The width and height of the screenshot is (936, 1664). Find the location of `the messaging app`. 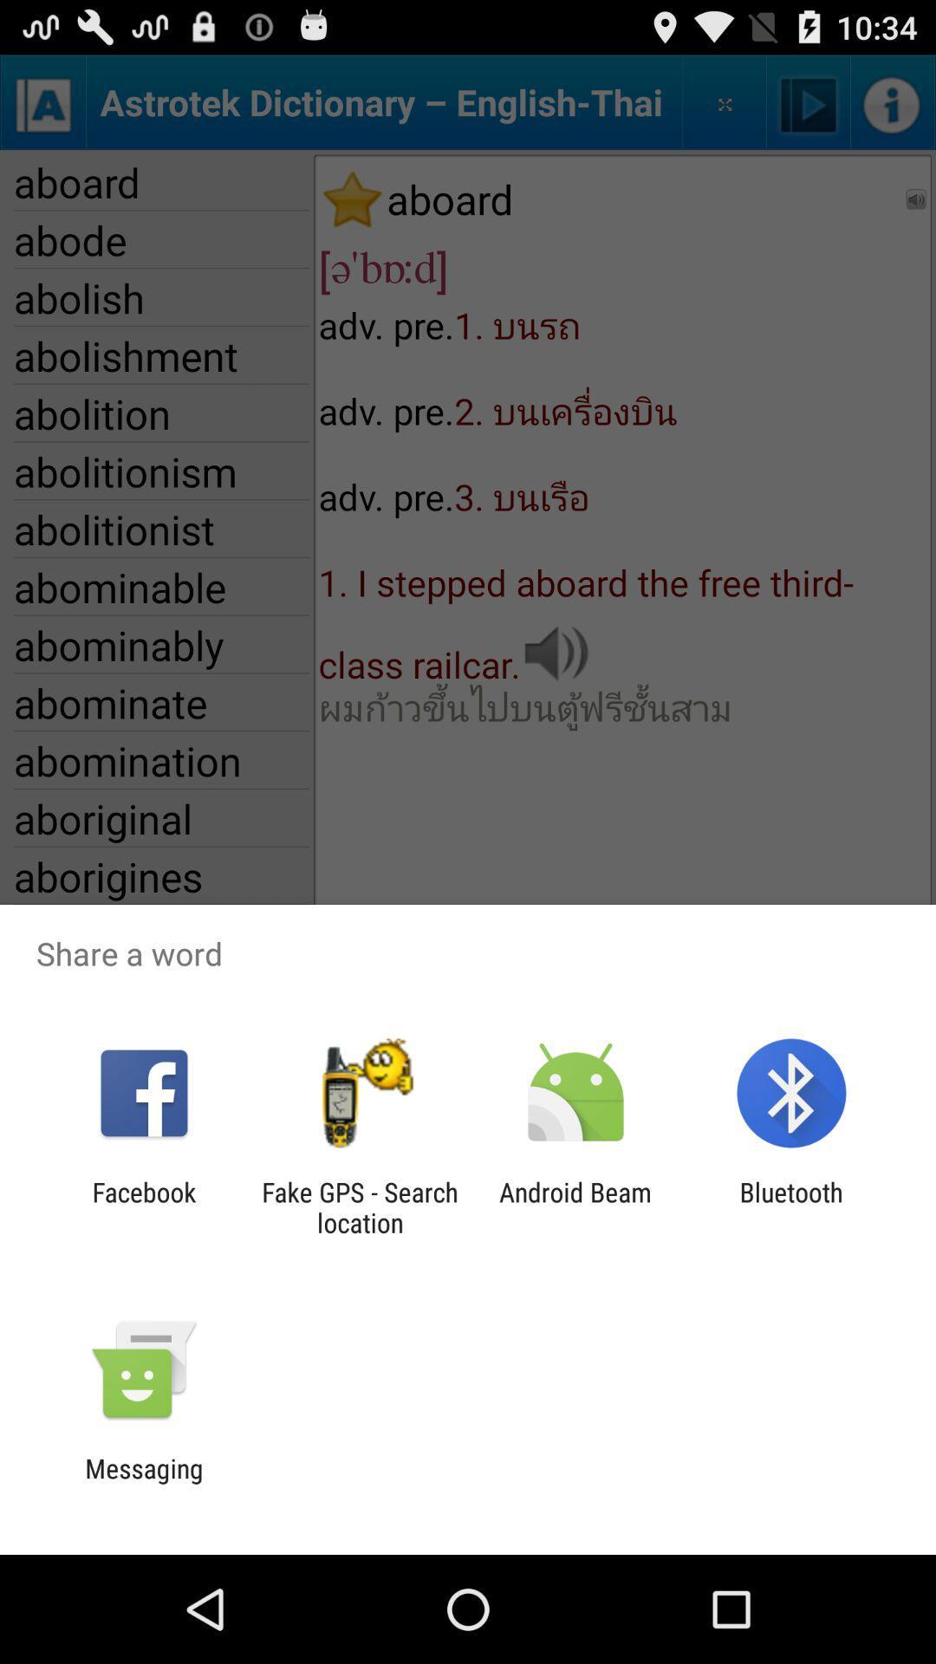

the messaging app is located at coordinates (143, 1483).